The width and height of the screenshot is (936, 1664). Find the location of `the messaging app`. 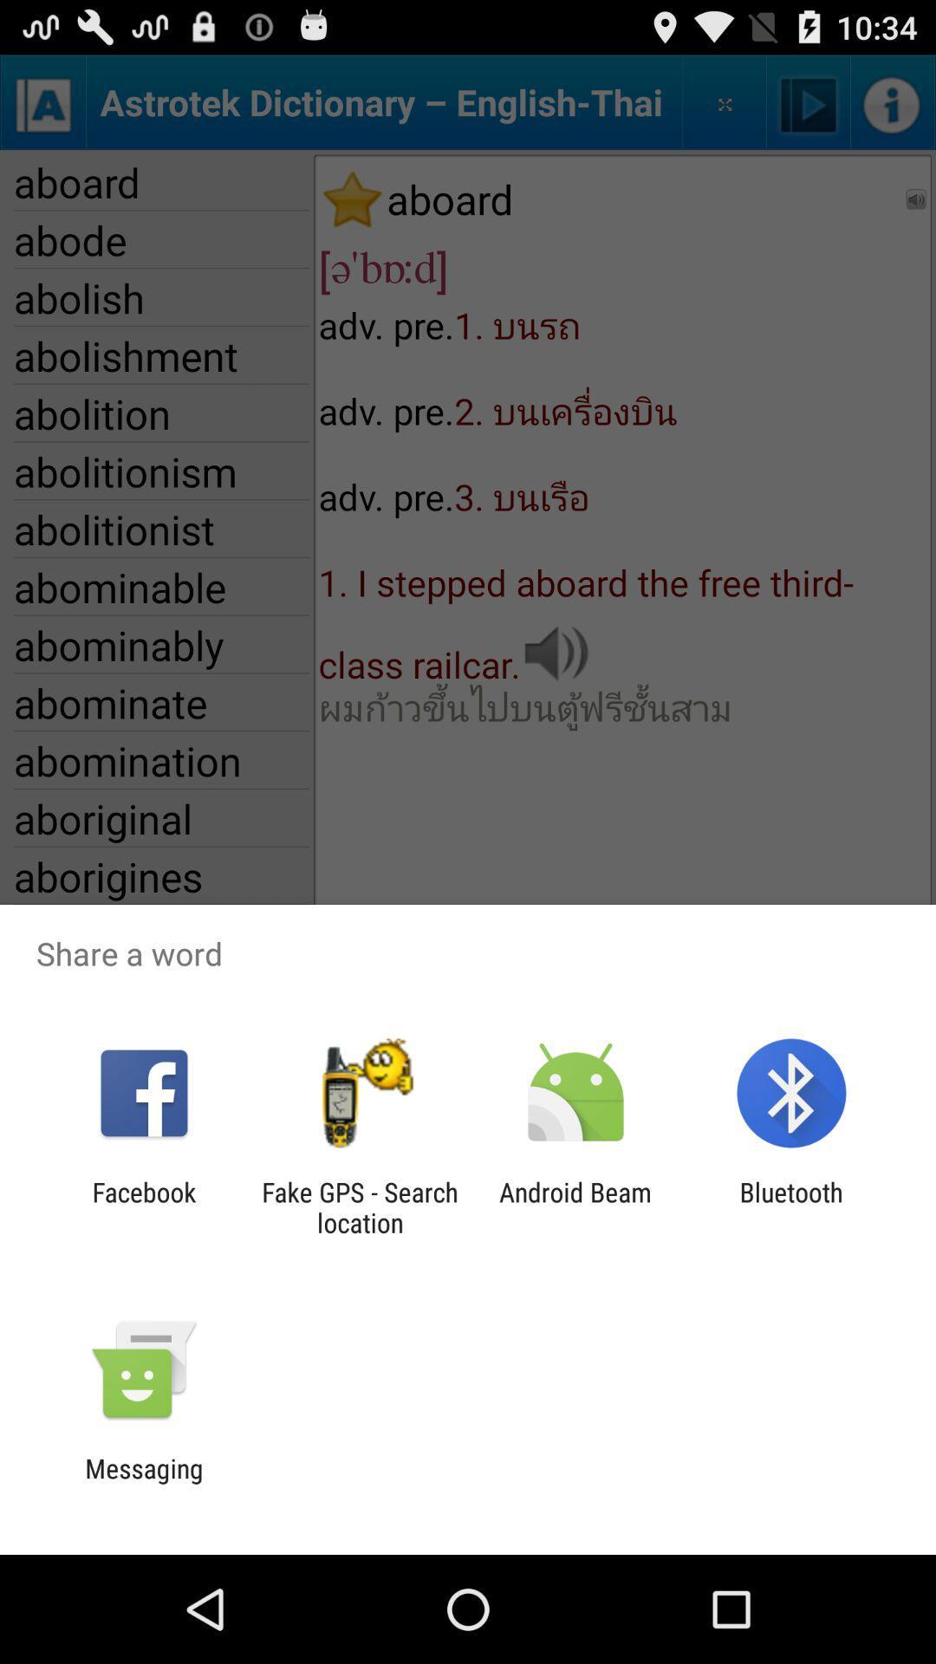

the messaging app is located at coordinates (143, 1483).